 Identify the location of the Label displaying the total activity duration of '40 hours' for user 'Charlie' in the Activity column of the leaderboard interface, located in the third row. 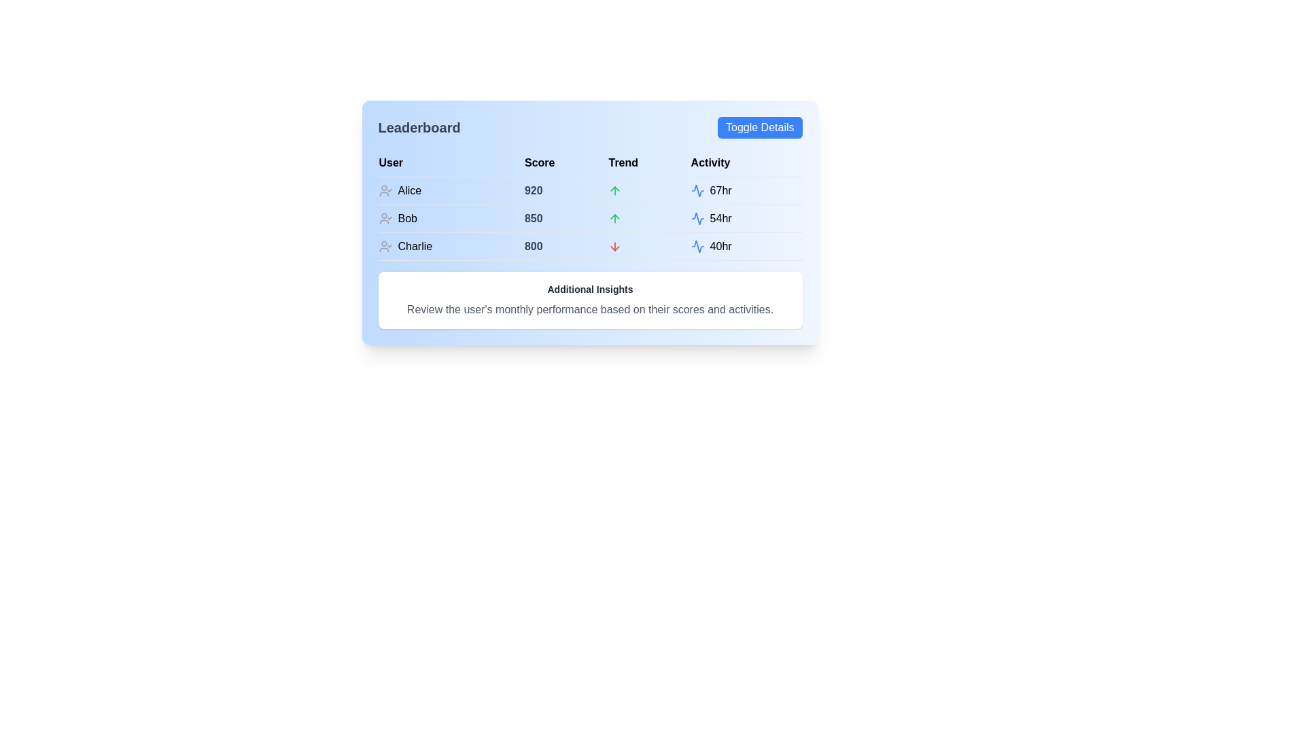
(720, 246).